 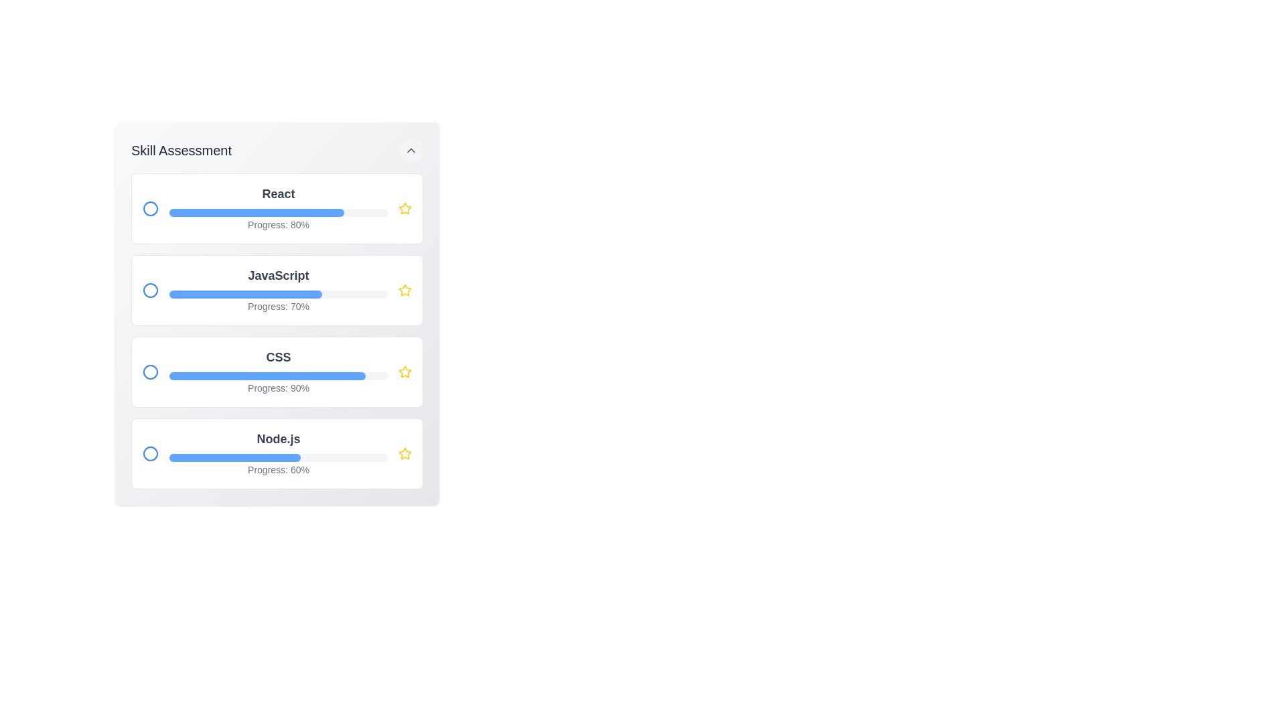 What do you see at coordinates (276, 453) in the screenshot?
I see `the skill item corresponding to Node.js` at bounding box center [276, 453].